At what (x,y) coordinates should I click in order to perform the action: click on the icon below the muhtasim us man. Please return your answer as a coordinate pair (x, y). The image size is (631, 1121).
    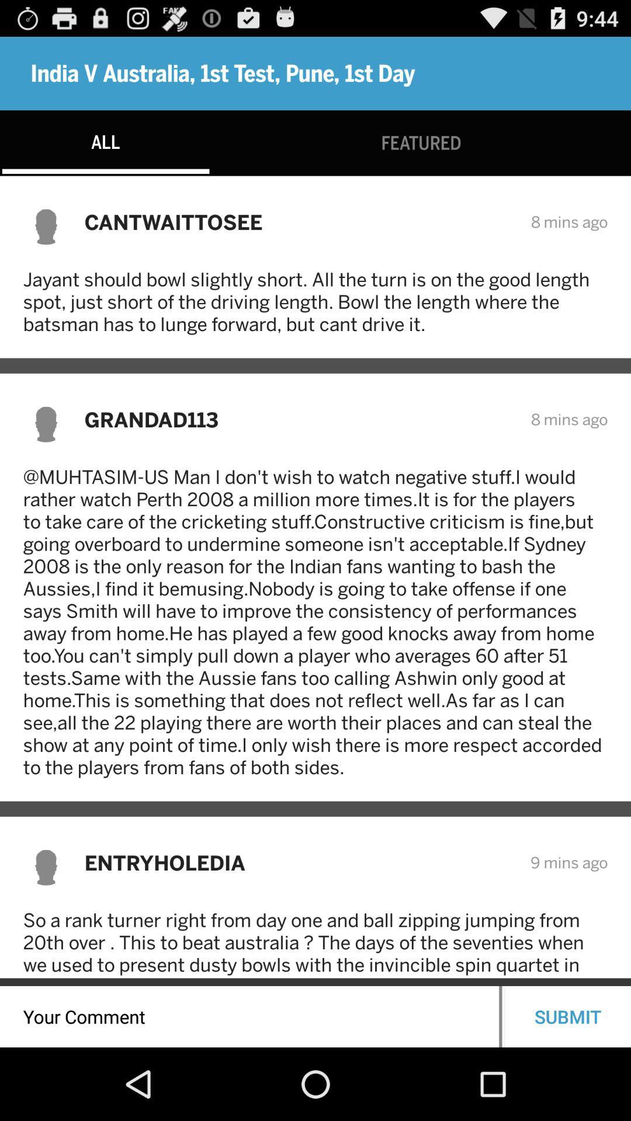
    Looking at the image, I should click on (299, 862).